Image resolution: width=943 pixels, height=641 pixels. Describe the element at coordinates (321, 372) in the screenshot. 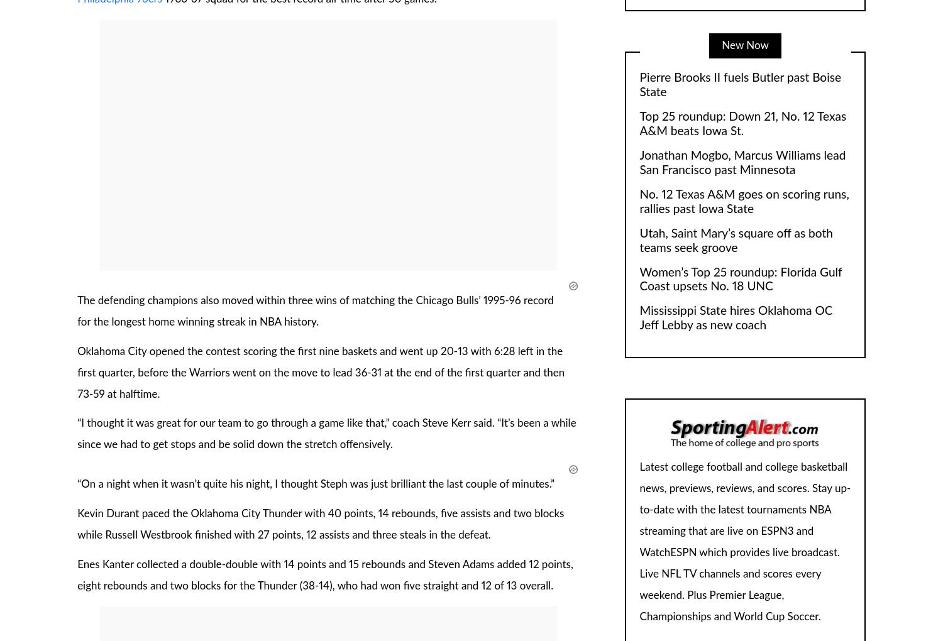

I see `'Oklahoma City opened the contest scoring the first nine baskets and went up 20-13 with 6:28 left in the first quarter, before the Warriors went on the move to lead 36-31 at the end of the first quarter and then 73-59 at halftime.'` at that location.